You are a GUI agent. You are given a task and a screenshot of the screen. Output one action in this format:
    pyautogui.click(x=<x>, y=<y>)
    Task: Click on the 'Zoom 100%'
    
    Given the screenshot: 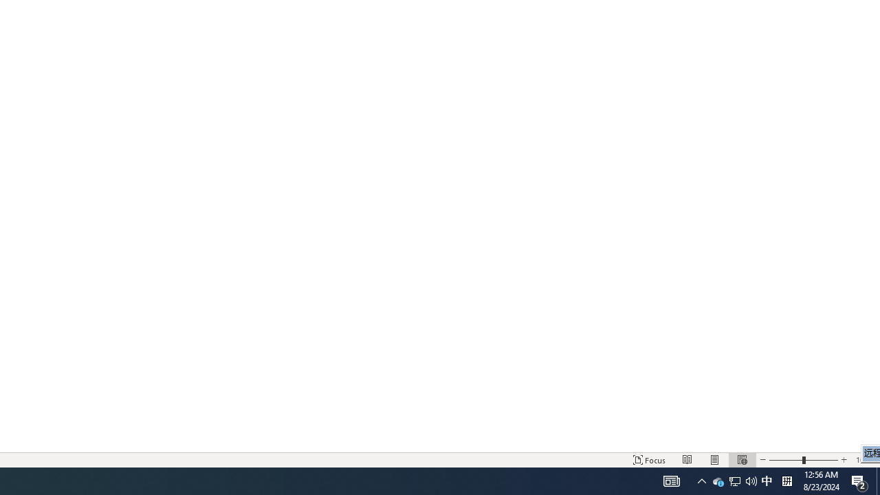 What is the action you would take?
    pyautogui.click(x=864, y=460)
    